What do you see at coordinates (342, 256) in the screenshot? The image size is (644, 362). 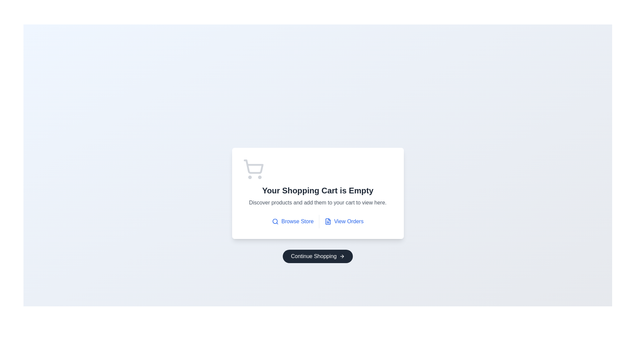 I see `the navigation arrow icon located to the right of the button text in the button beneath 'Your Shopping Cart is Empty'` at bounding box center [342, 256].